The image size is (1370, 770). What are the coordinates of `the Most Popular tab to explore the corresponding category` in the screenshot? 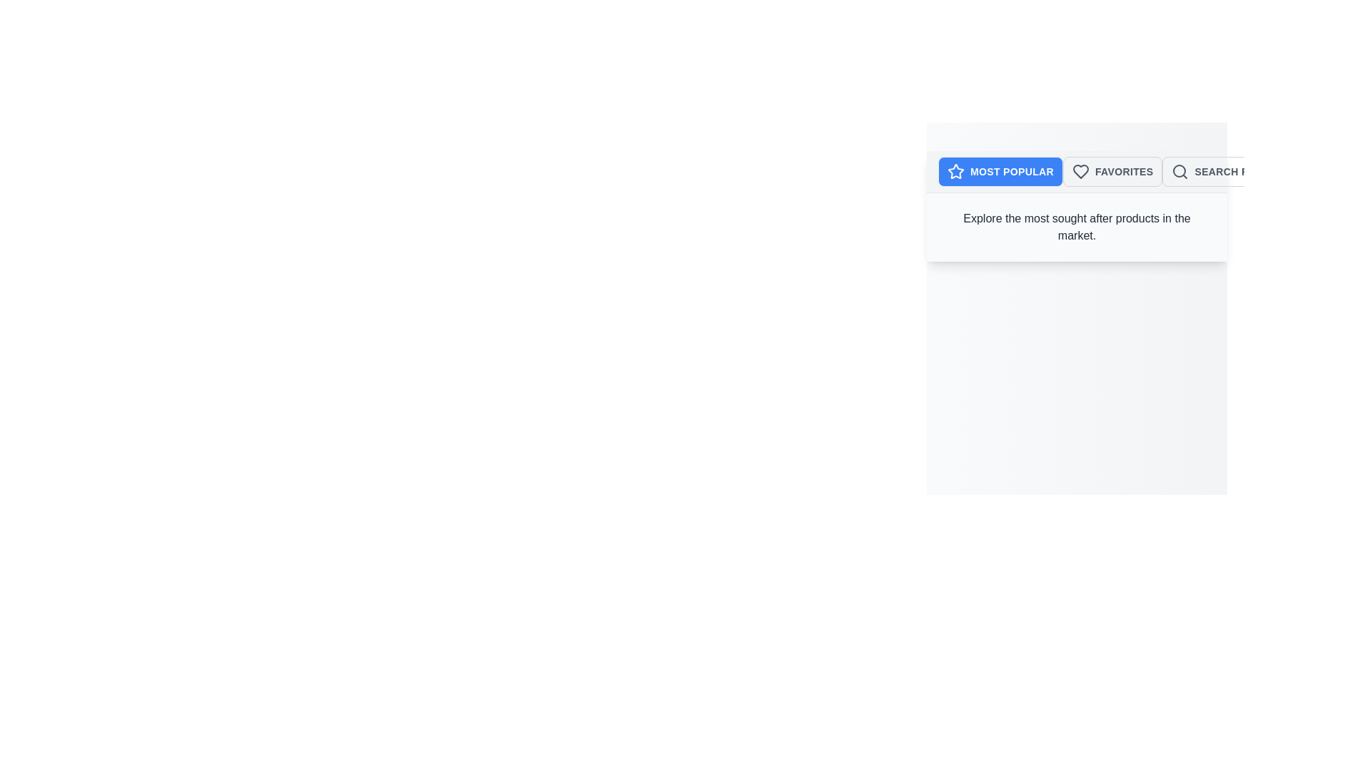 It's located at (999, 170).